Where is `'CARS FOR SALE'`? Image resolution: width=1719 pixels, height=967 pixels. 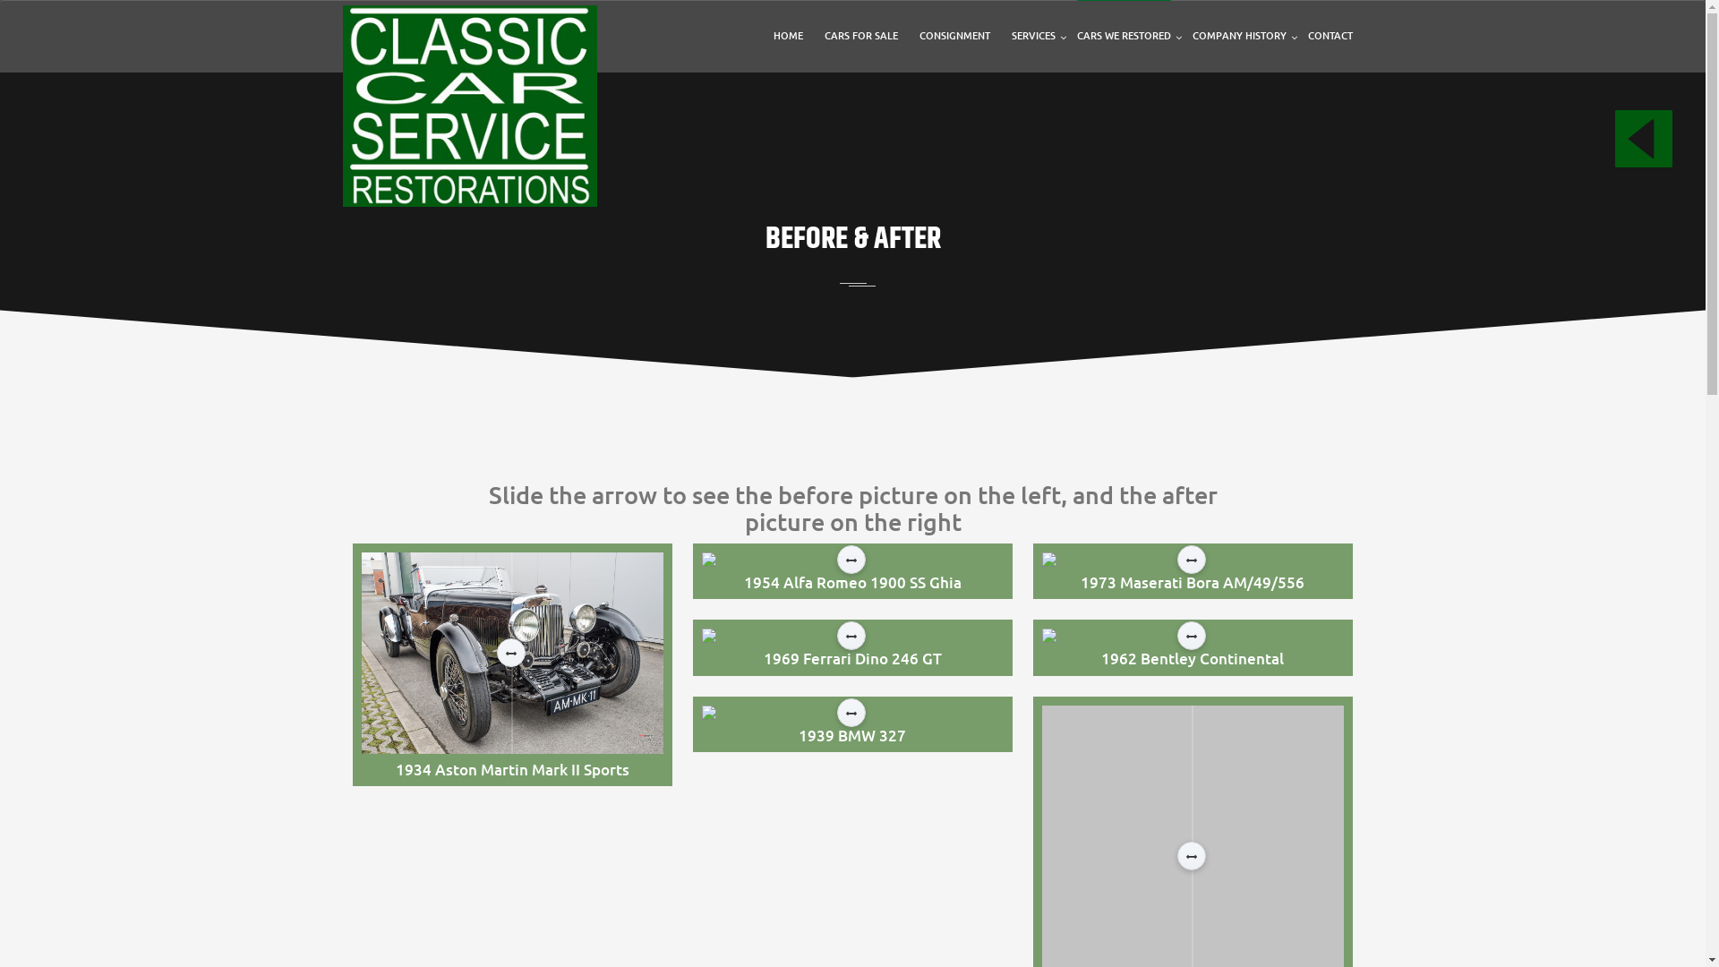 'CARS FOR SALE' is located at coordinates (859, 35).